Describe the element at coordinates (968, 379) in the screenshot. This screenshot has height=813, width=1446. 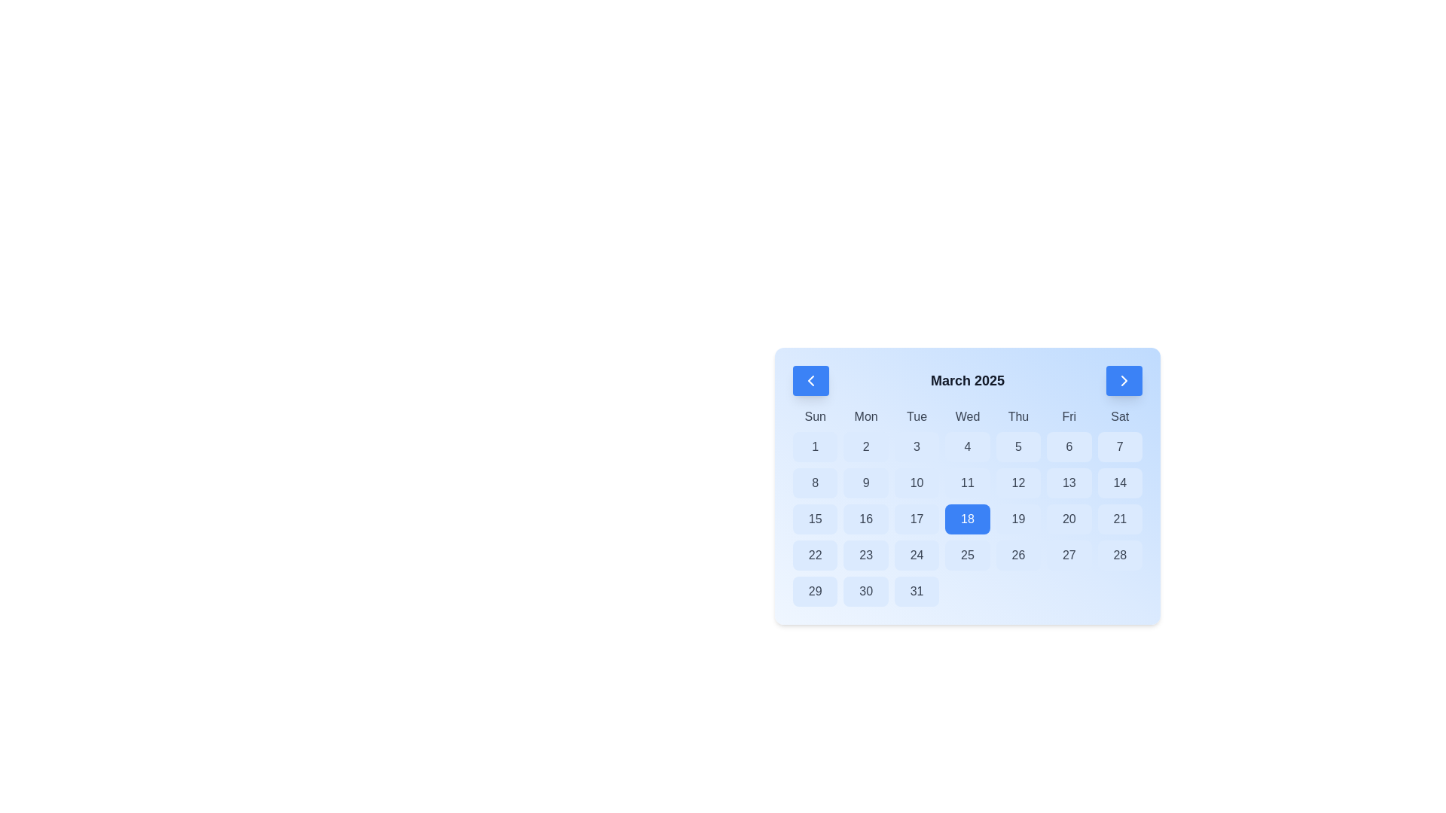
I see `the Text header that displays the currently selected month and year in the calendar interface, located centrally at the upper section of the calendar` at that location.